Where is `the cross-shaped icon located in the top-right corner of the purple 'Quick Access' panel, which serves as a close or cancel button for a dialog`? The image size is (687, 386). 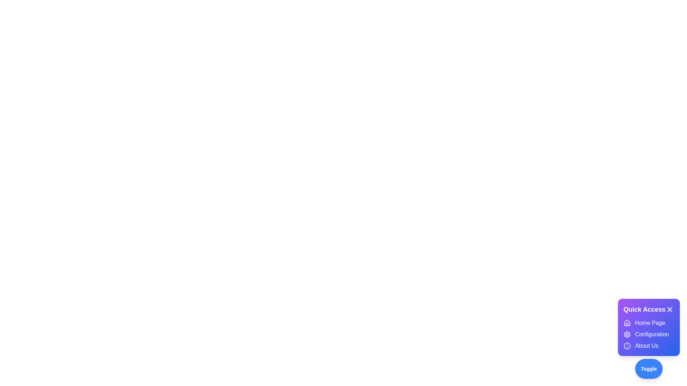 the cross-shaped icon located in the top-right corner of the purple 'Quick Access' panel, which serves as a close or cancel button for a dialog is located at coordinates (669, 309).